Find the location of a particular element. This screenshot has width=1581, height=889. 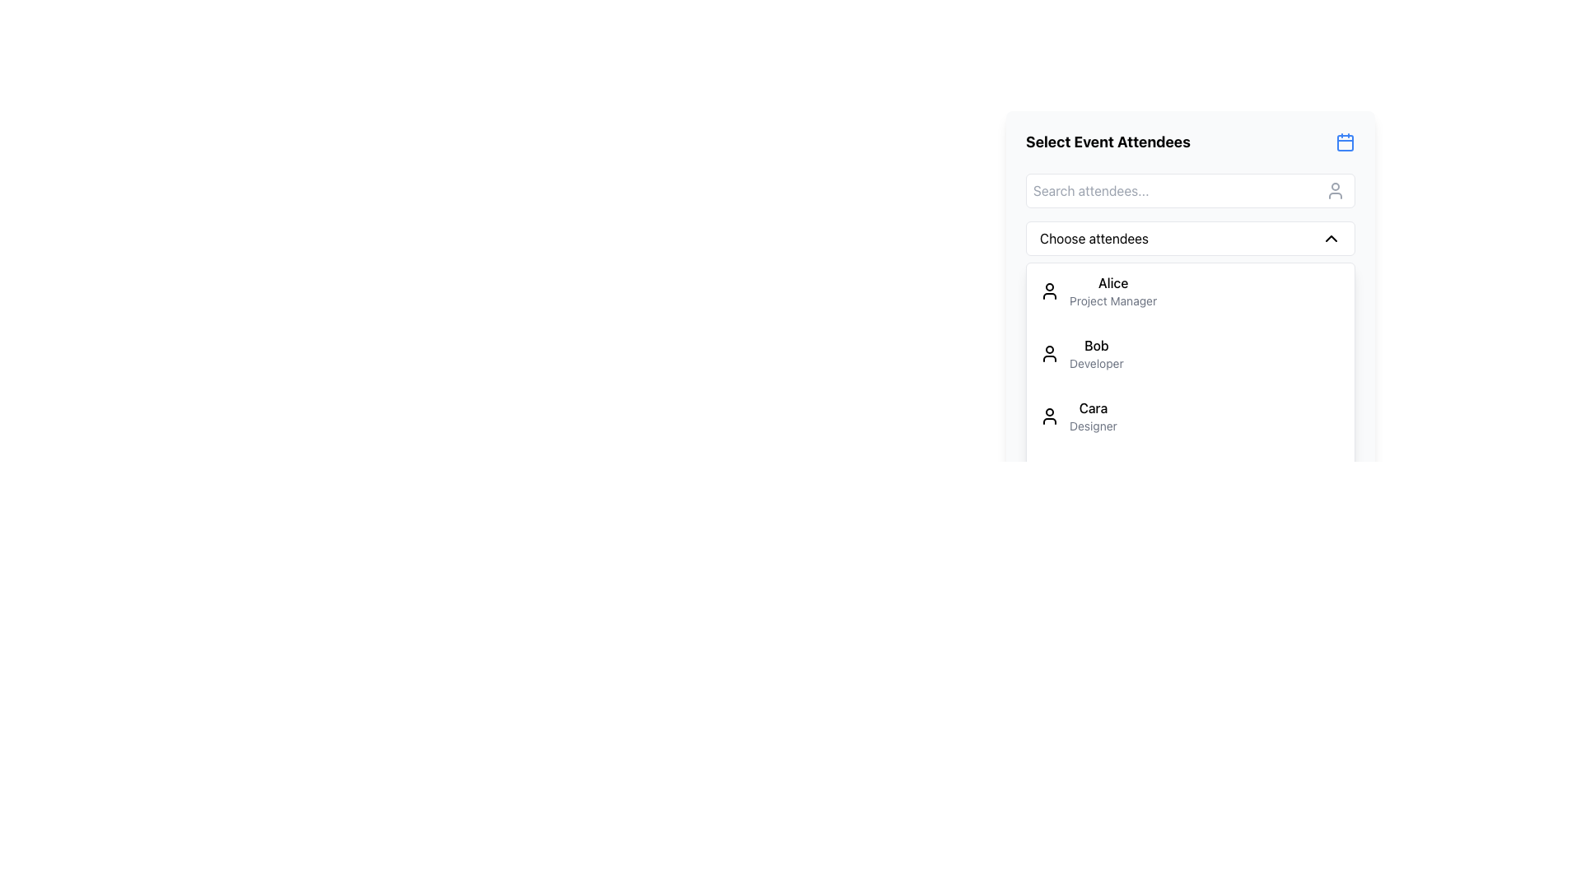

the static text label displaying 'Developer', which is located below the name 'Bob' in a vertical list layout under the header 'Choose Attendees' is located at coordinates (1096, 363).